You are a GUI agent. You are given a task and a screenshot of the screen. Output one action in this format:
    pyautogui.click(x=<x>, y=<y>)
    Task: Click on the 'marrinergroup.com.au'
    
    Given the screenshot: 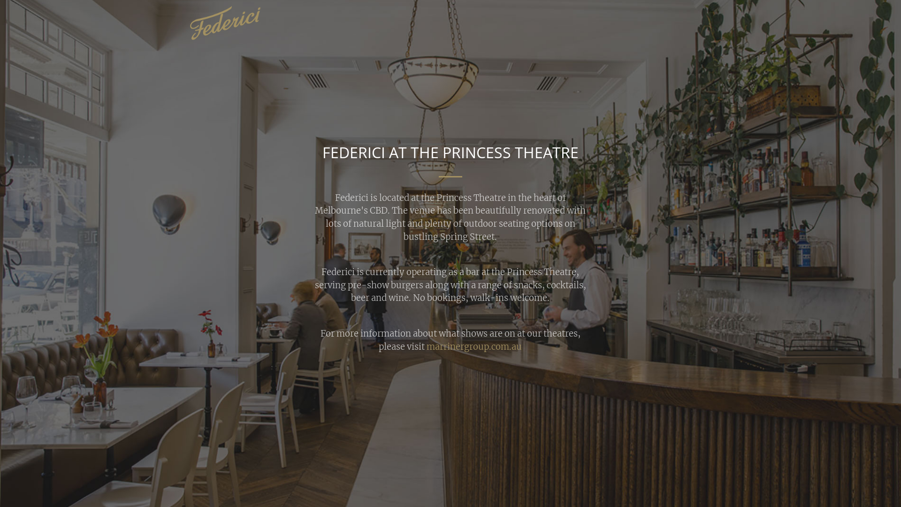 What is the action you would take?
    pyautogui.click(x=426, y=346)
    